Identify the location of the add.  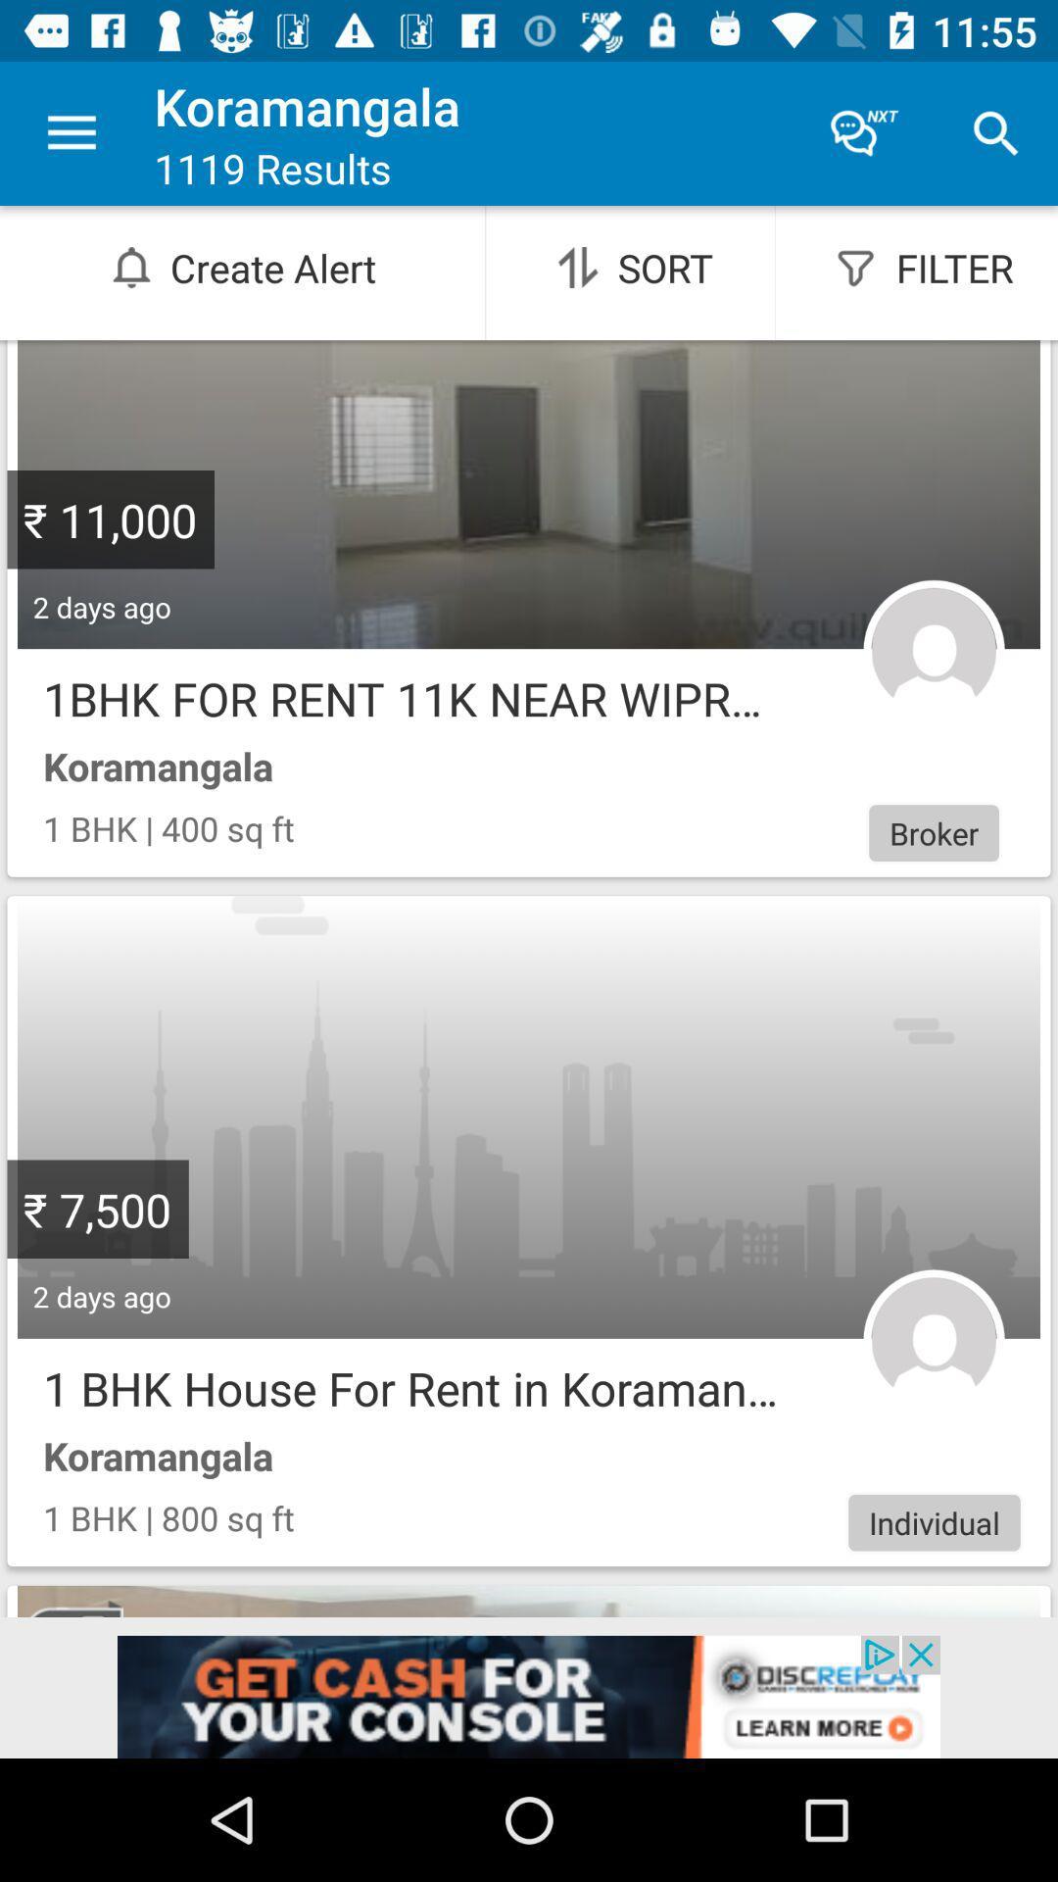
(529, 1696).